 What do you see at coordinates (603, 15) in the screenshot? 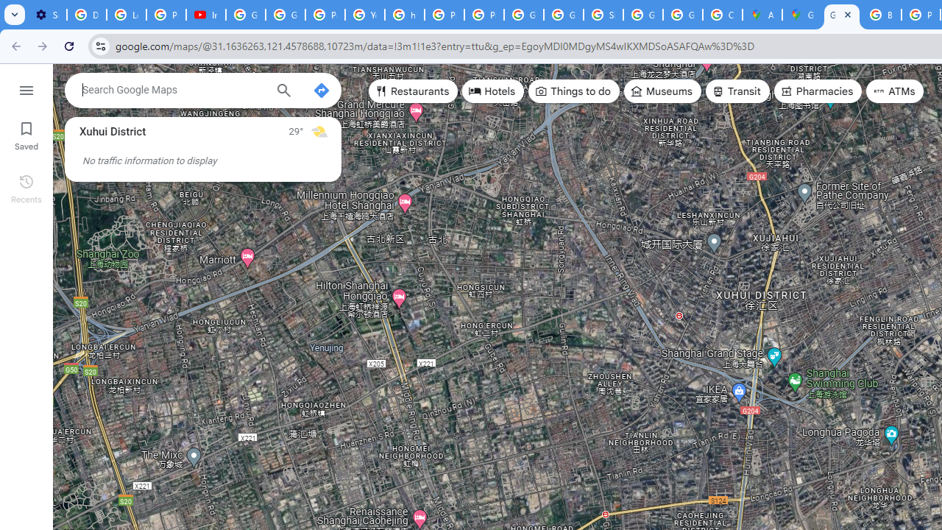
I see `'Sign in - Google Accounts'` at bounding box center [603, 15].